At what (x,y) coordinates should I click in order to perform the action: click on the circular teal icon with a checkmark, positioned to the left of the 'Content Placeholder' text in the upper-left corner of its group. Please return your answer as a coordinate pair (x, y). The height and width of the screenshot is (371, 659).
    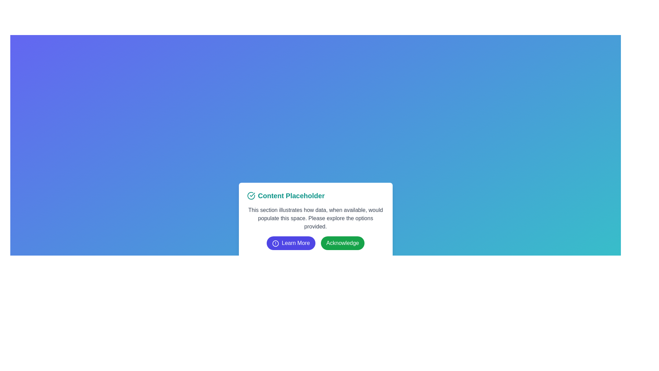
    Looking at the image, I should click on (251, 196).